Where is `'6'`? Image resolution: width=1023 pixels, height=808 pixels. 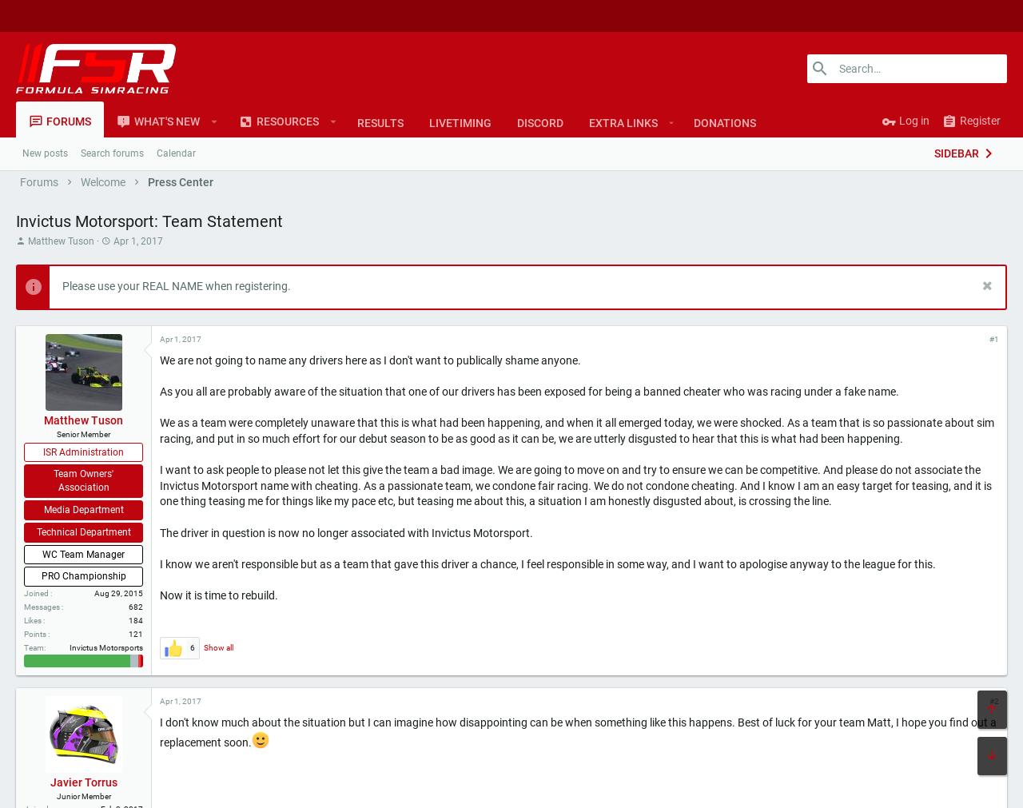
'6' is located at coordinates (192, 700).